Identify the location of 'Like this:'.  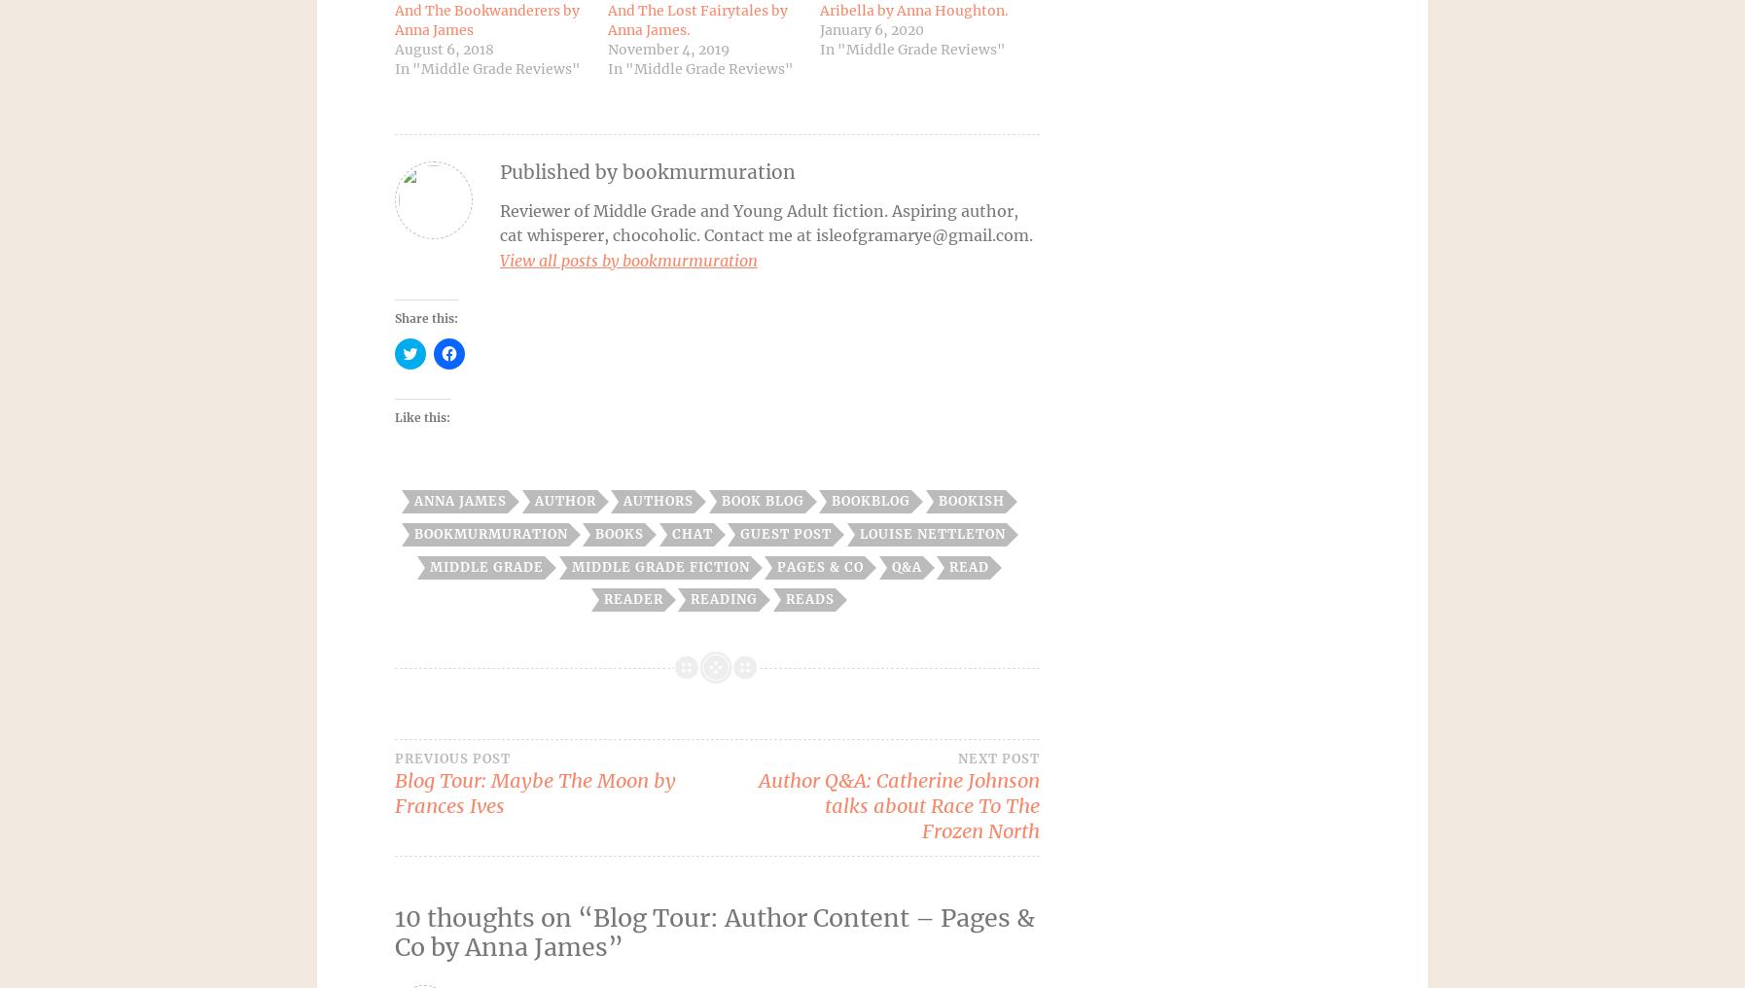
(421, 415).